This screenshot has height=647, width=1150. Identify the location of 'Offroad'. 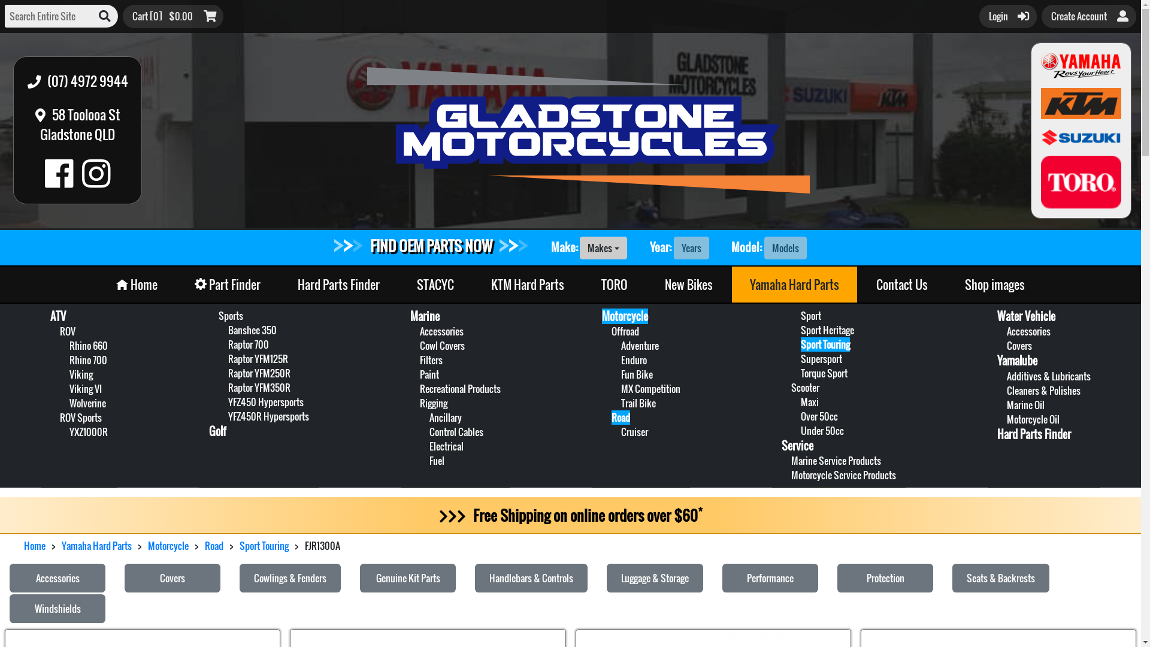
(624, 331).